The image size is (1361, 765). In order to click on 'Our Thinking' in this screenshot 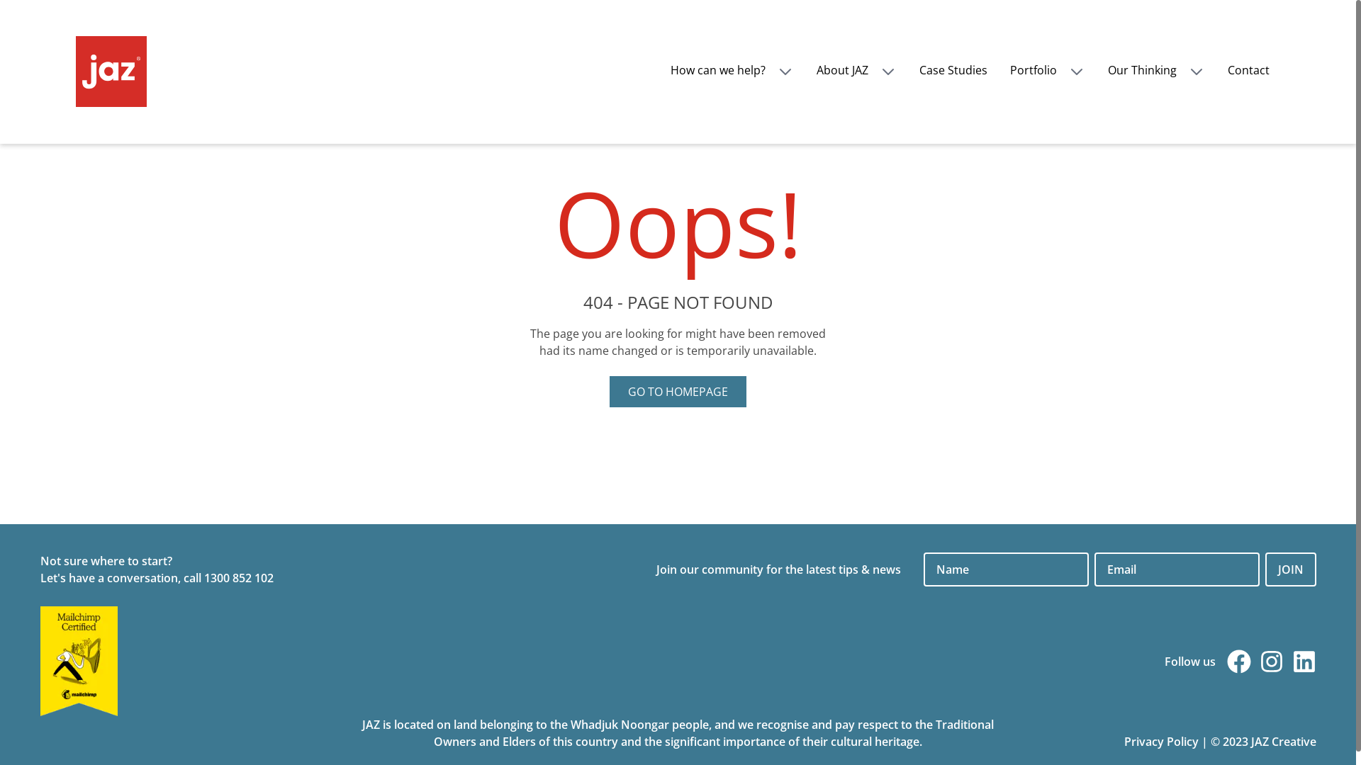, I will do `click(1155, 70)`.